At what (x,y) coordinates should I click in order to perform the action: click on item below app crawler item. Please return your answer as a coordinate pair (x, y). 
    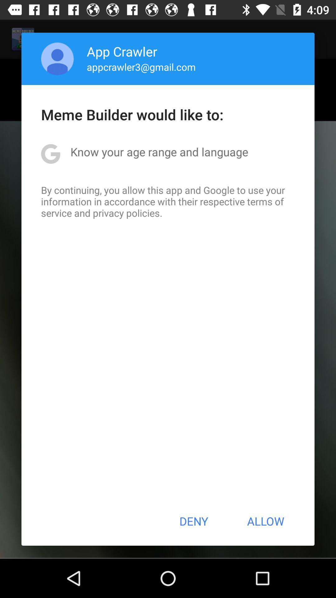
    Looking at the image, I should click on (141, 67).